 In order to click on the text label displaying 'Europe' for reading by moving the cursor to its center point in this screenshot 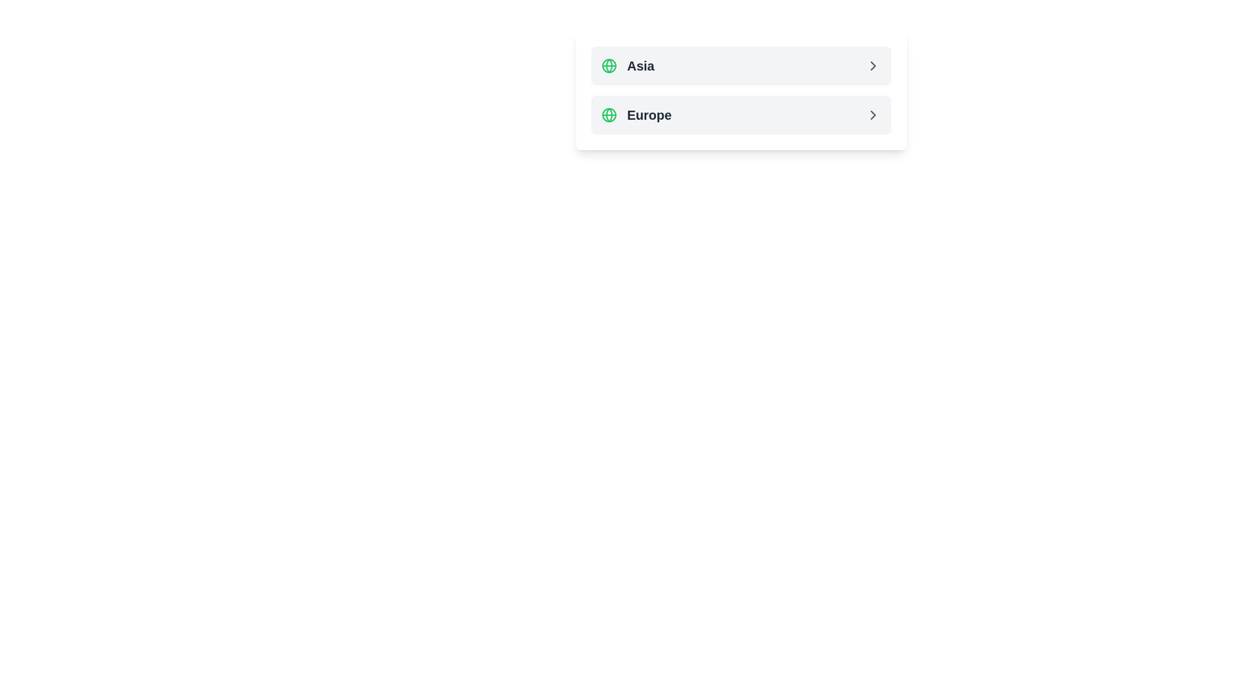, I will do `click(649, 114)`.